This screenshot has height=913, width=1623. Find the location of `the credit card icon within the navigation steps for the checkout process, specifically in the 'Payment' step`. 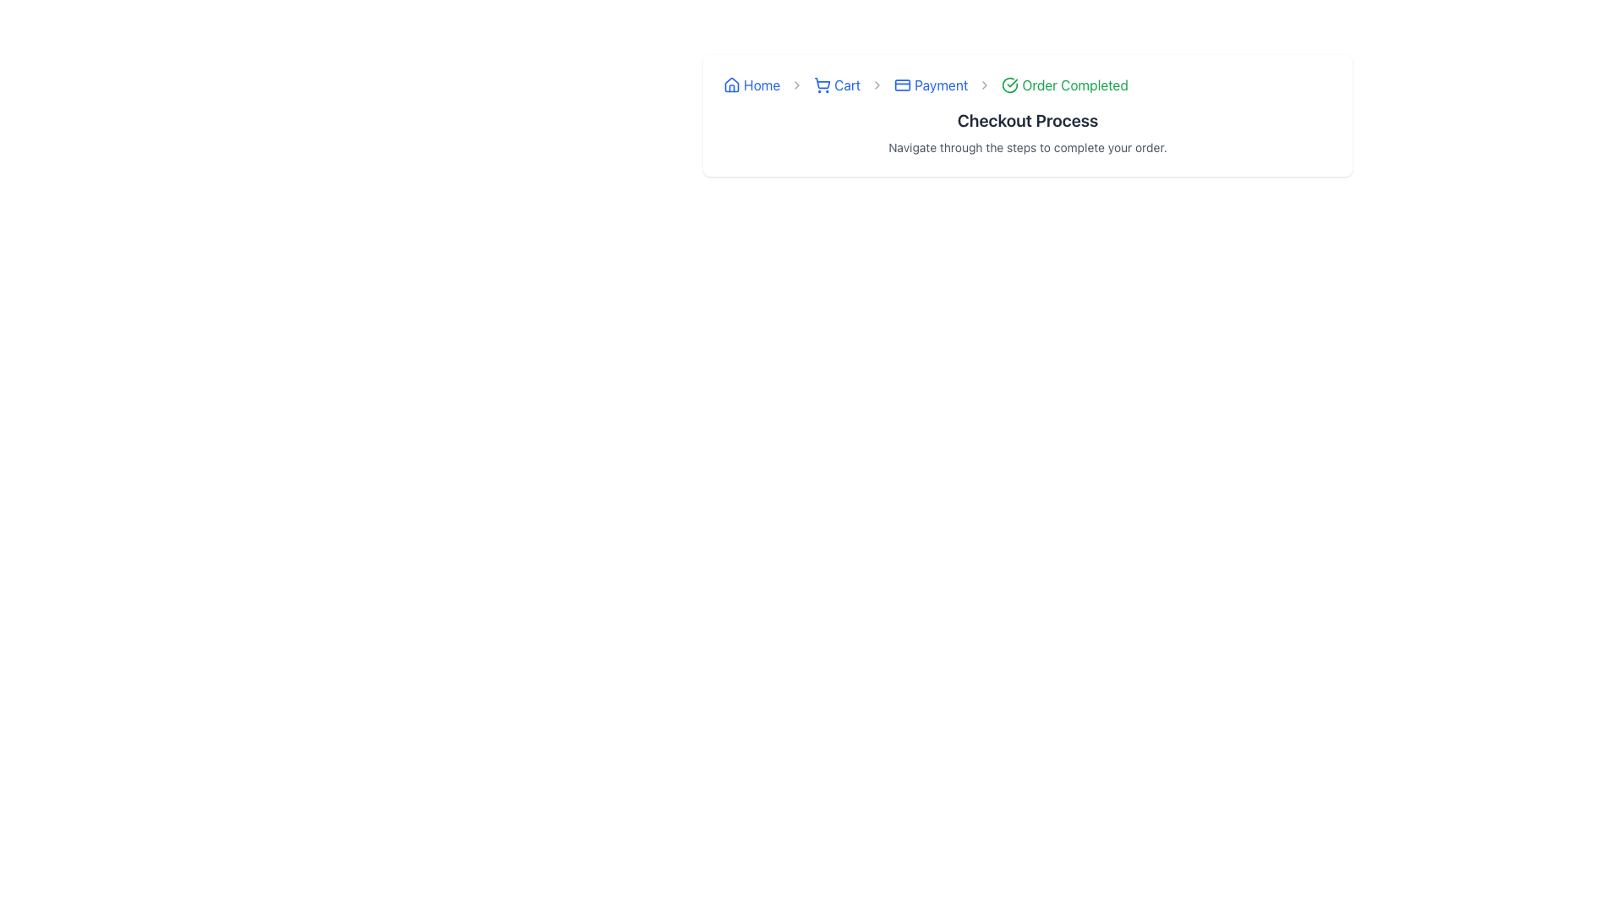

the credit card icon within the navigation steps for the checkout process, specifically in the 'Payment' step is located at coordinates (902, 85).